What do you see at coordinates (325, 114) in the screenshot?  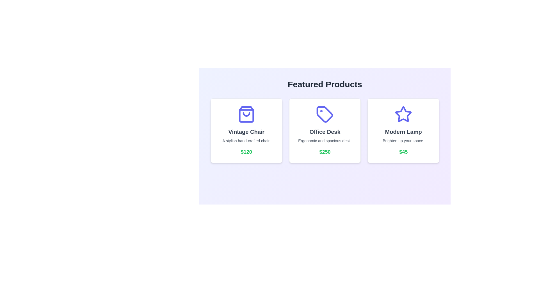 I see `the stylized tag icon in bold indigo blue color, located at the top part of the second card labeled 'Office Desk.'` at bounding box center [325, 114].